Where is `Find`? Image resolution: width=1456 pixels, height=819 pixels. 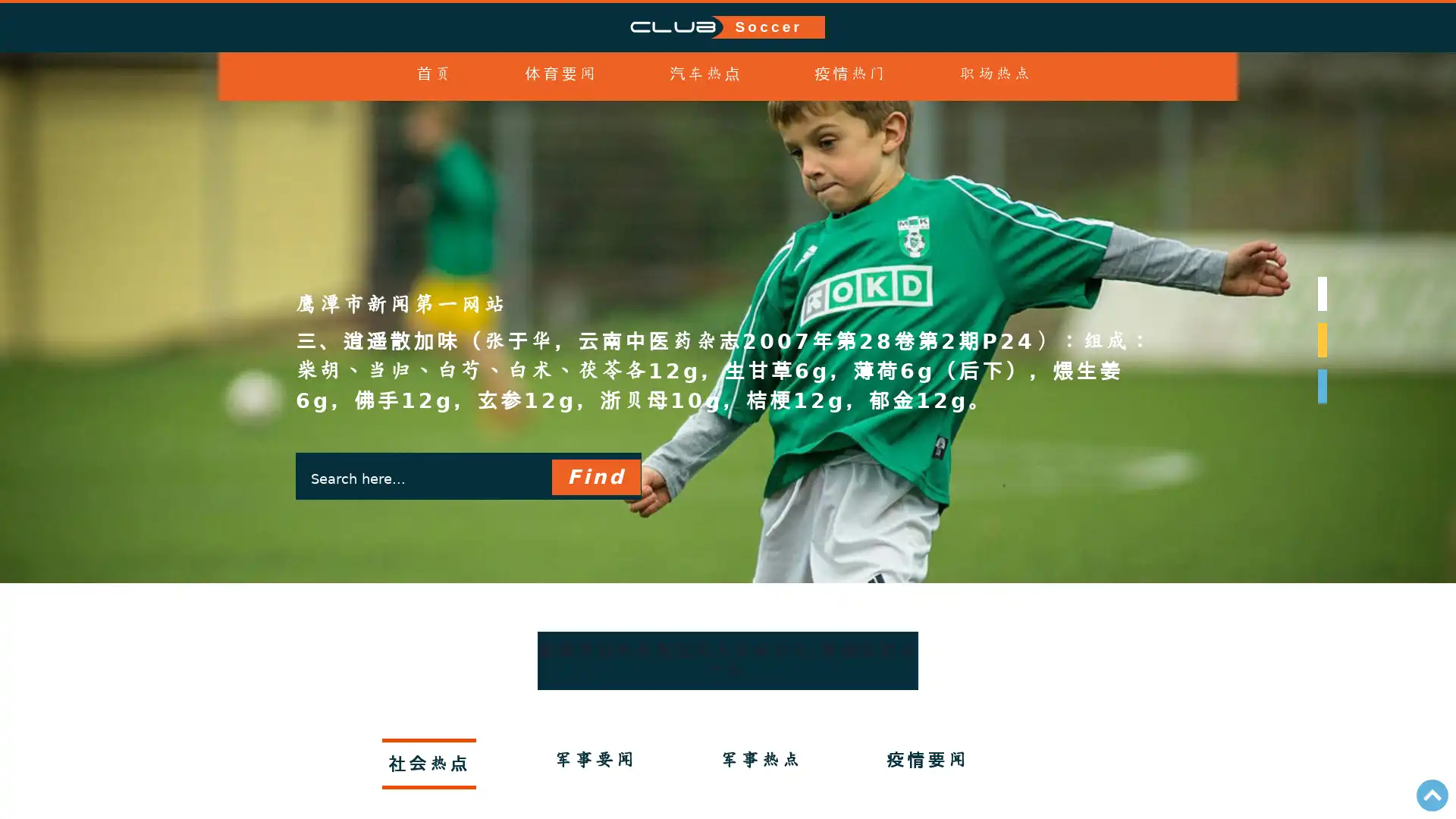 Find is located at coordinates (595, 418).